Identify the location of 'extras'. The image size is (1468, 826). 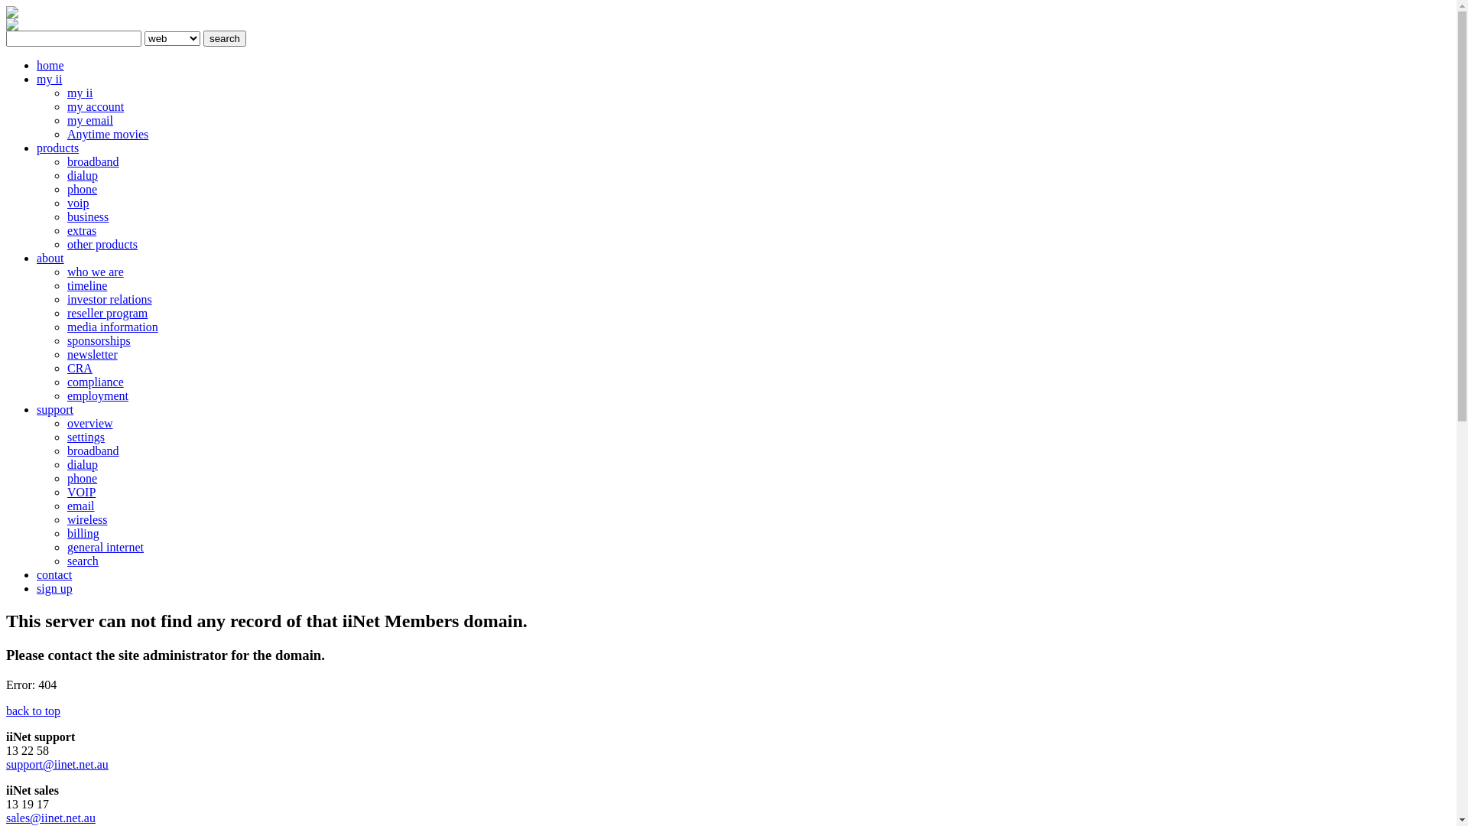
(80, 230).